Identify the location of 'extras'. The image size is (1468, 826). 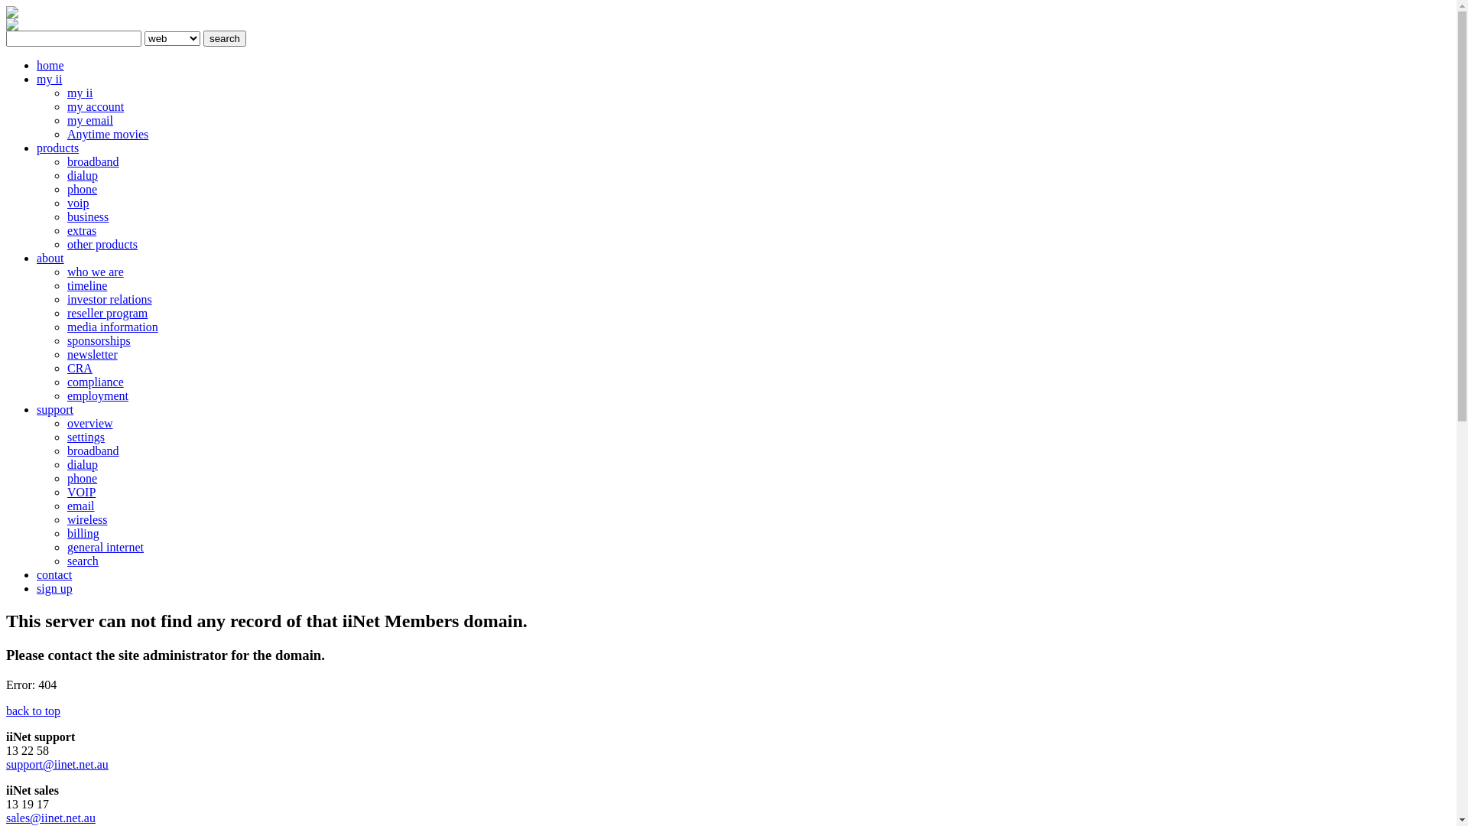
(80, 230).